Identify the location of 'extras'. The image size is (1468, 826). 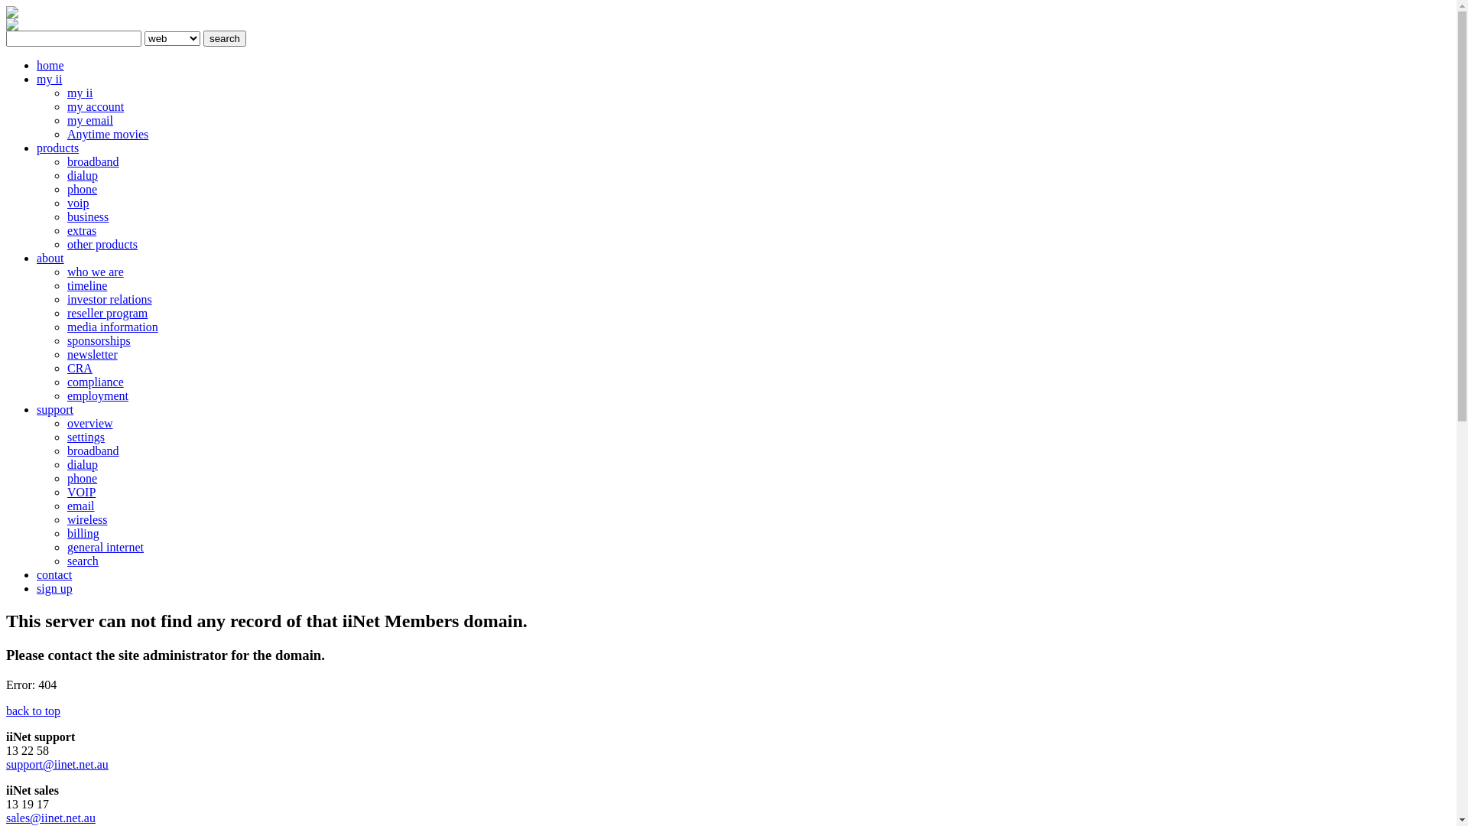
(80, 230).